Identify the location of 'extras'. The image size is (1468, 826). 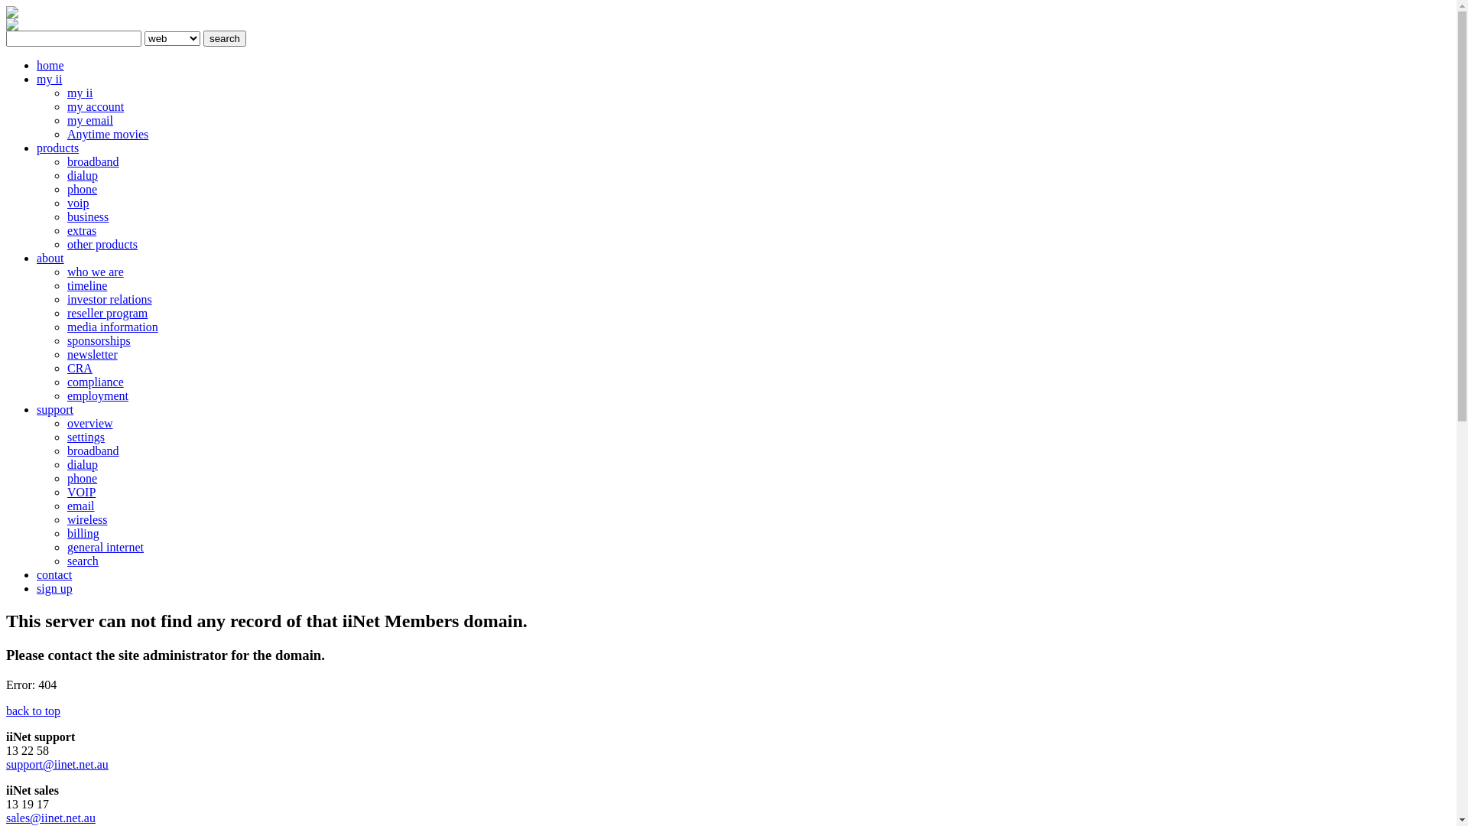
(80, 230).